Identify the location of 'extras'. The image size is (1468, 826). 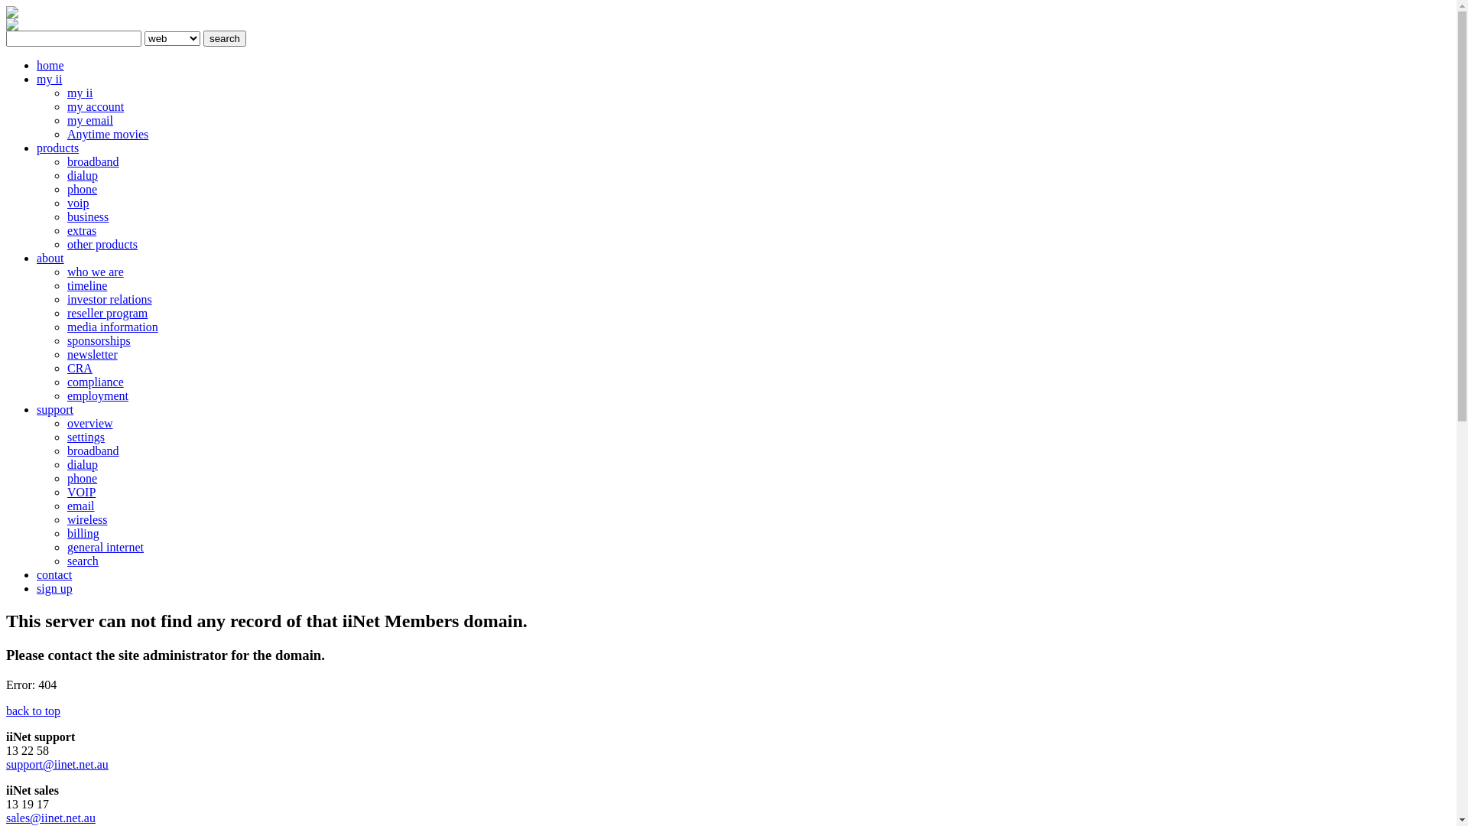
(80, 230).